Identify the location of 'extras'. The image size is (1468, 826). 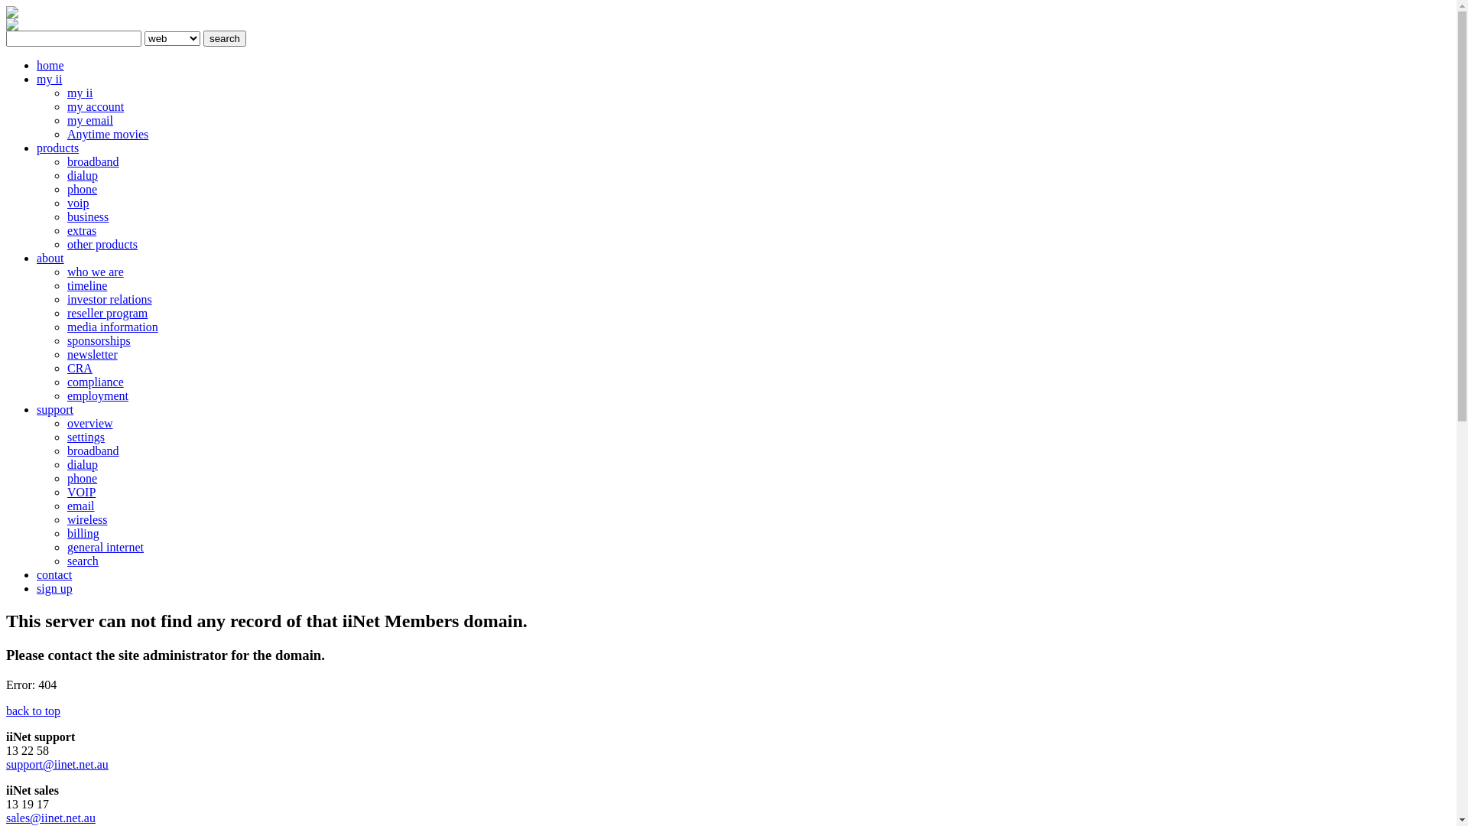
(80, 230).